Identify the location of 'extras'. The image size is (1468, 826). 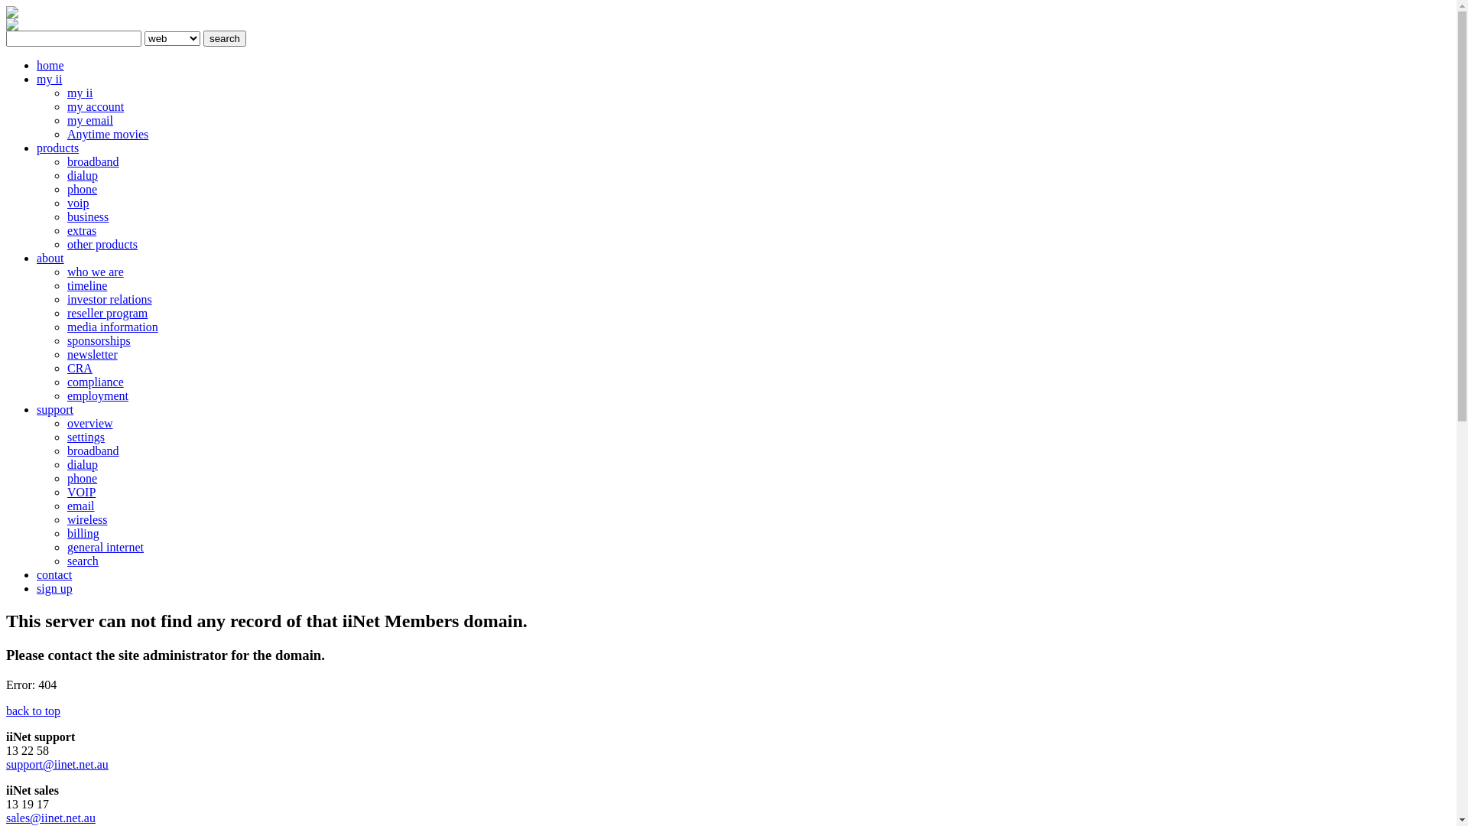
(80, 230).